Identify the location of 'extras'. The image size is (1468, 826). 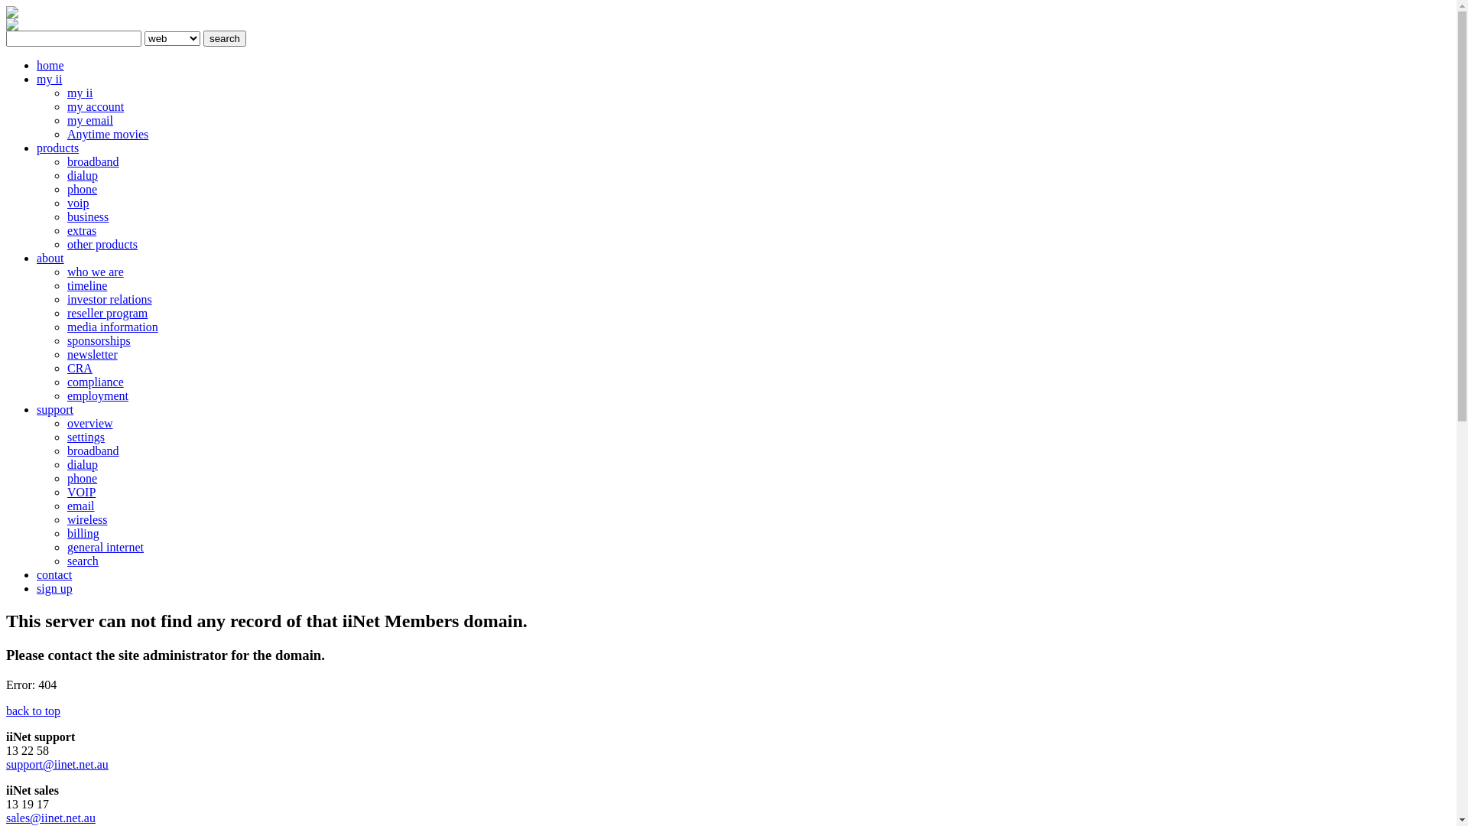
(80, 230).